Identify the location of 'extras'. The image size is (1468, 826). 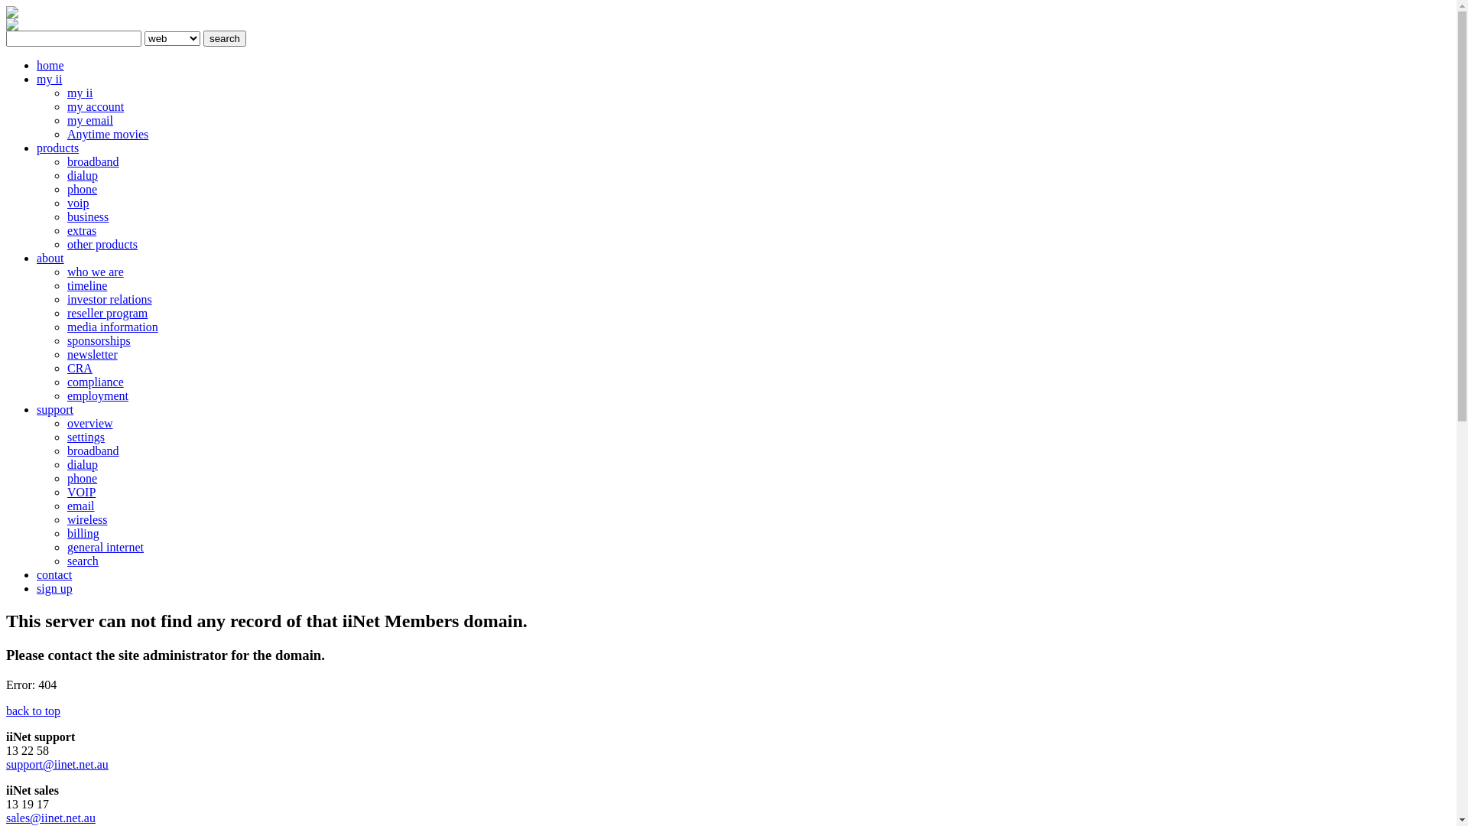
(80, 230).